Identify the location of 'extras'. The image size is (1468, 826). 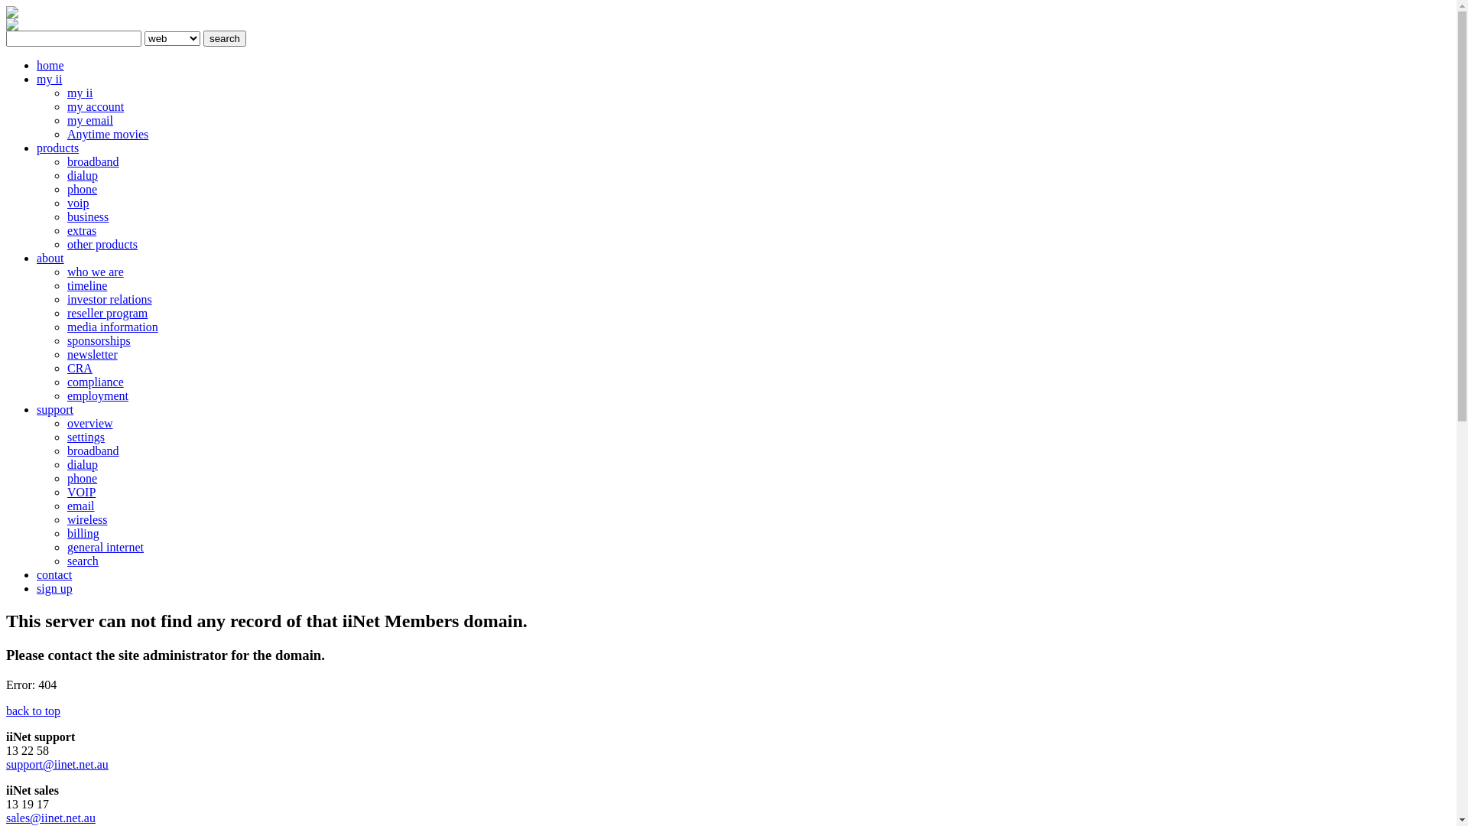
(80, 230).